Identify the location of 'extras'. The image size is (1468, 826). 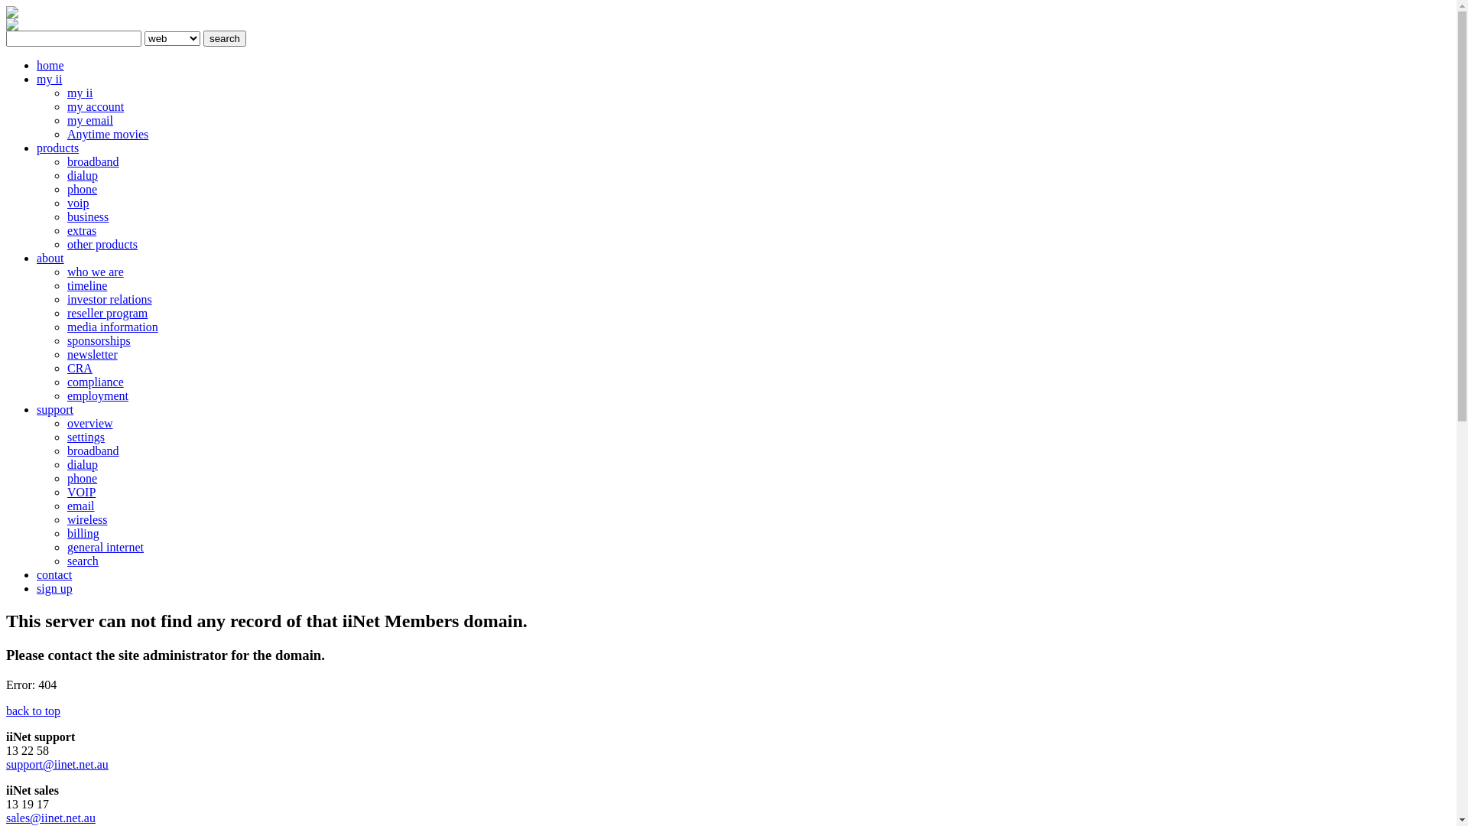
(80, 230).